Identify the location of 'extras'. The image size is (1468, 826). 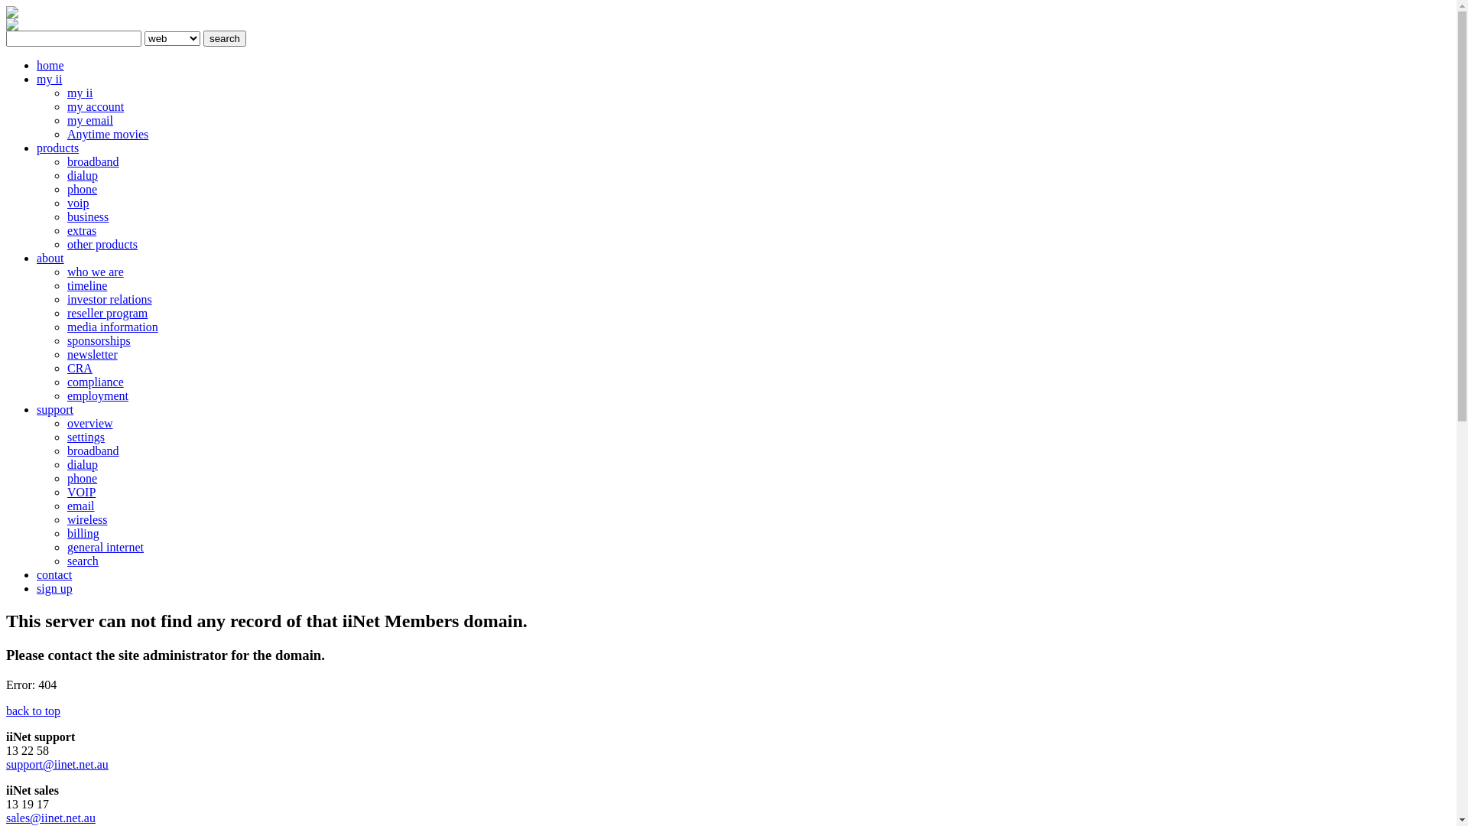
(80, 230).